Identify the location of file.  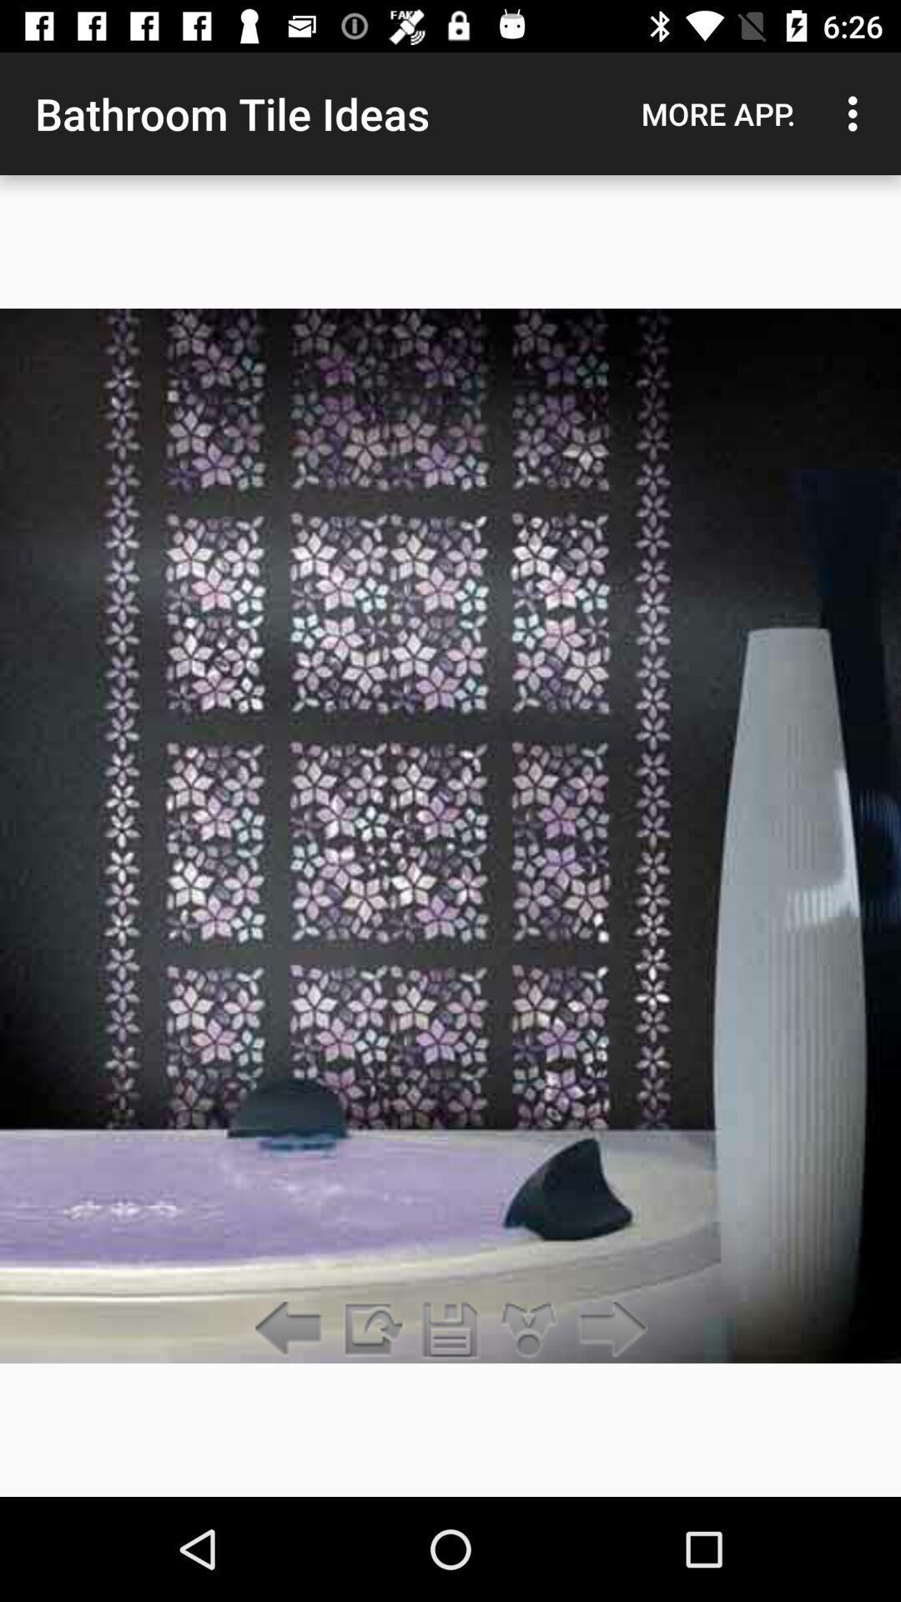
(450, 1329).